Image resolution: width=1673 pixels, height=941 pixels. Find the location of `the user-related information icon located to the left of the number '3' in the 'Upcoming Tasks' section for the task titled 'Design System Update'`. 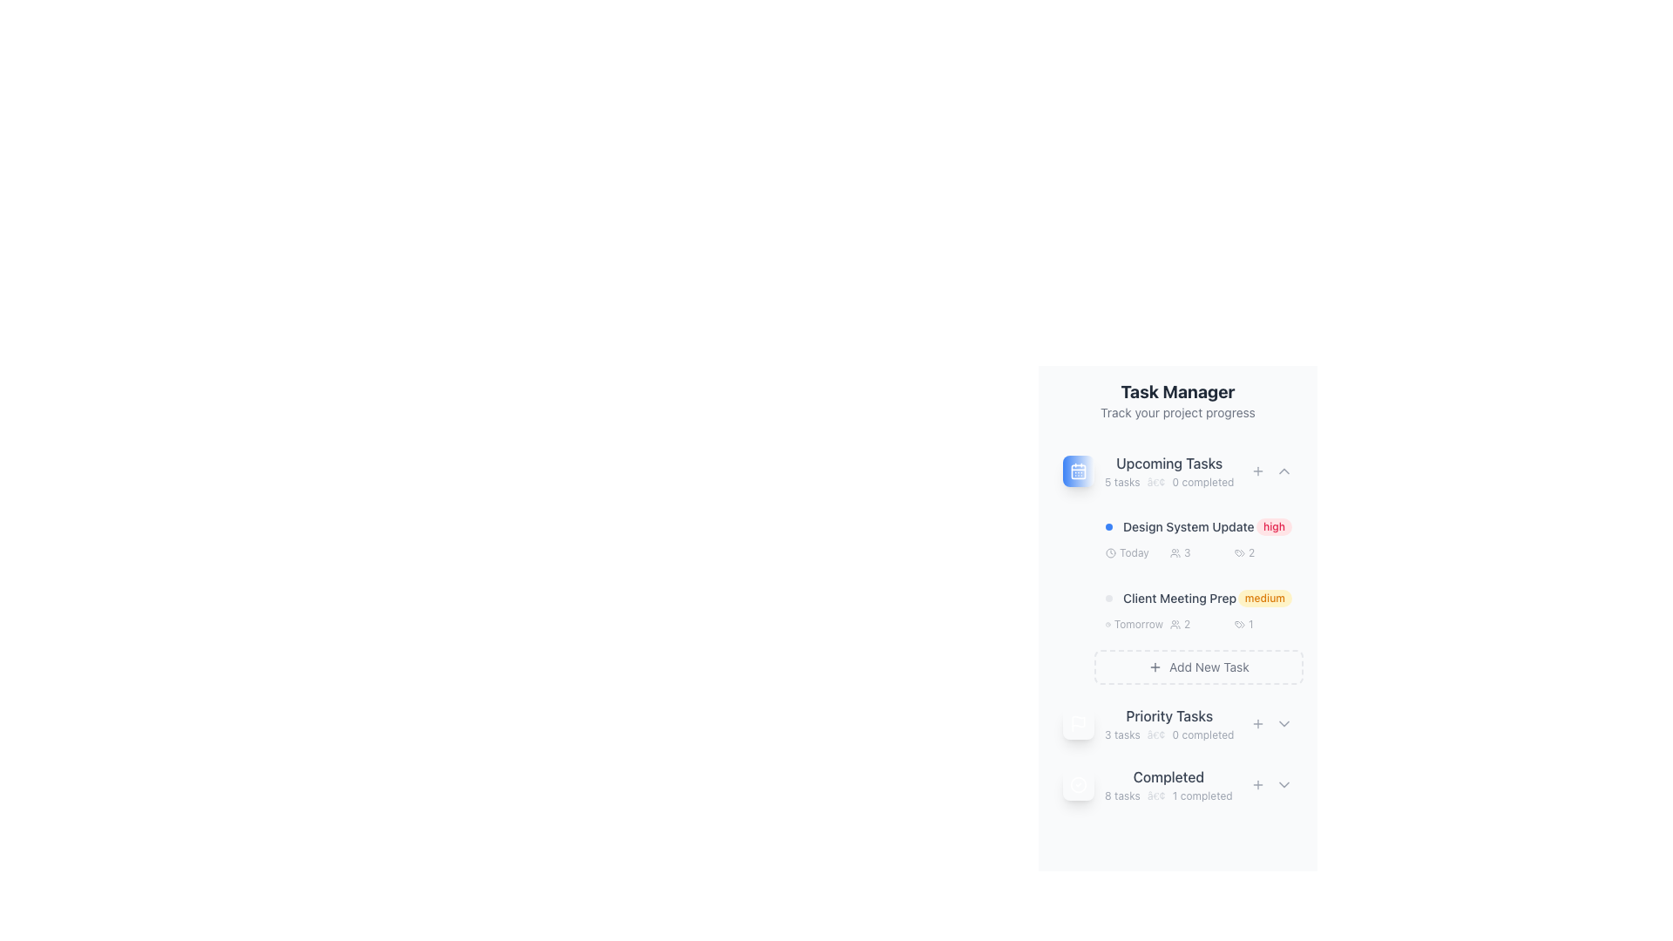

the user-related information icon located to the left of the number '3' in the 'Upcoming Tasks' section for the task titled 'Design System Update' is located at coordinates (1175, 553).